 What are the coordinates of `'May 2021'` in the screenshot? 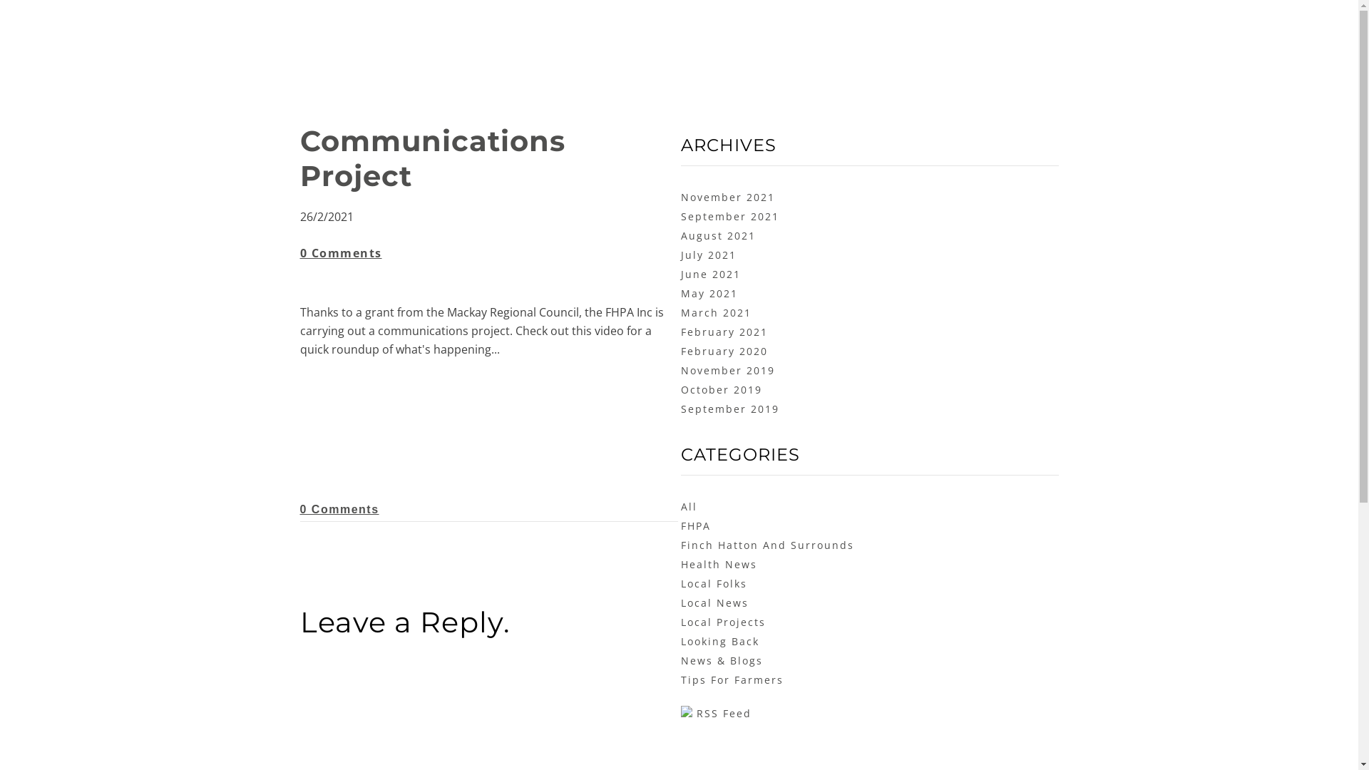 It's located at (708, 292).